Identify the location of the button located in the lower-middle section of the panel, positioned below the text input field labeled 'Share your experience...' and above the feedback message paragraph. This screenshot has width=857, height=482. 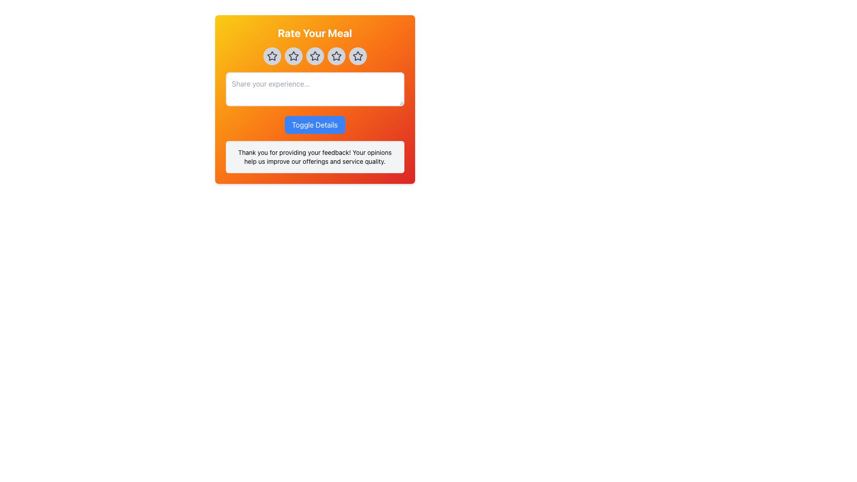
(315, 125).